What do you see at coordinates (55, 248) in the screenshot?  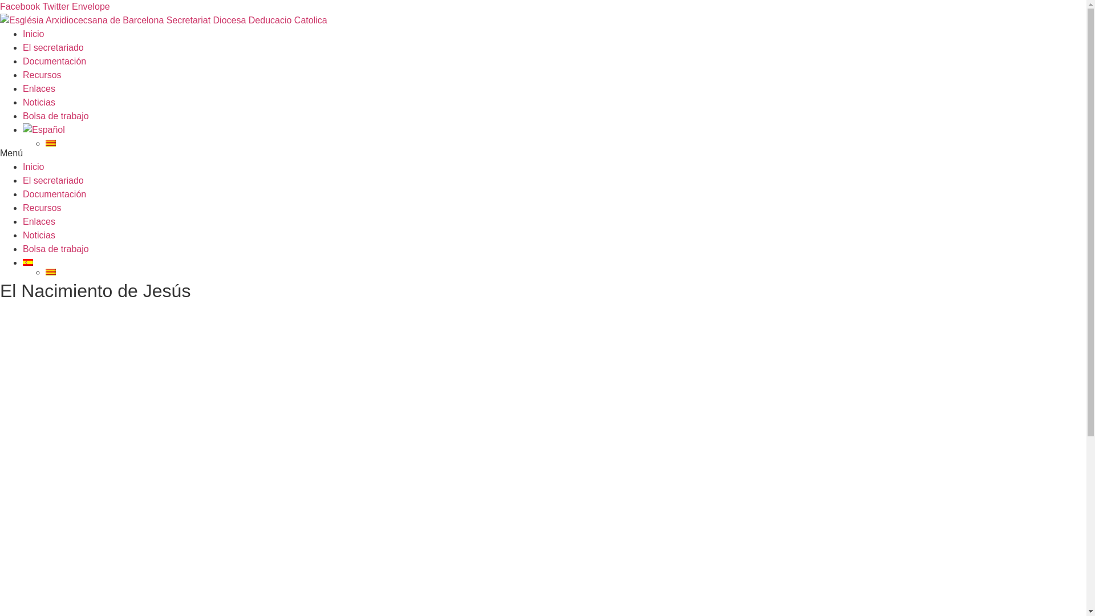 I see `'Bolsa de trabajo'` at bounding box center [55, 248].